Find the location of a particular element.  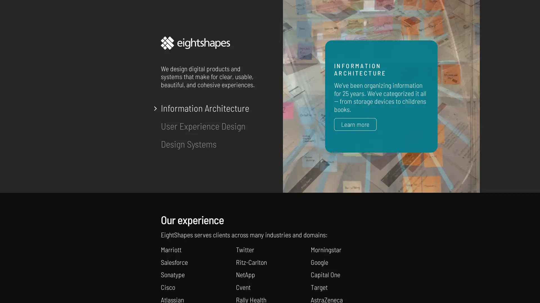

Design Systems is located at coordinates (189, 144).